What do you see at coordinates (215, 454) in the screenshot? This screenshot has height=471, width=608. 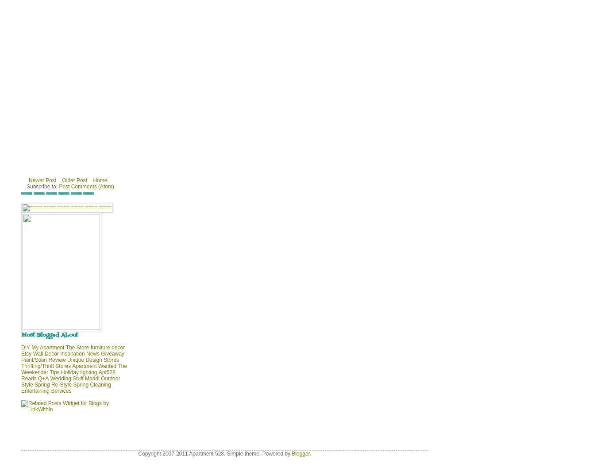 I see `'Copyright 2007-2011 Apartment 528. Simple theme. Powered by'` at bounding box center [215, 454].